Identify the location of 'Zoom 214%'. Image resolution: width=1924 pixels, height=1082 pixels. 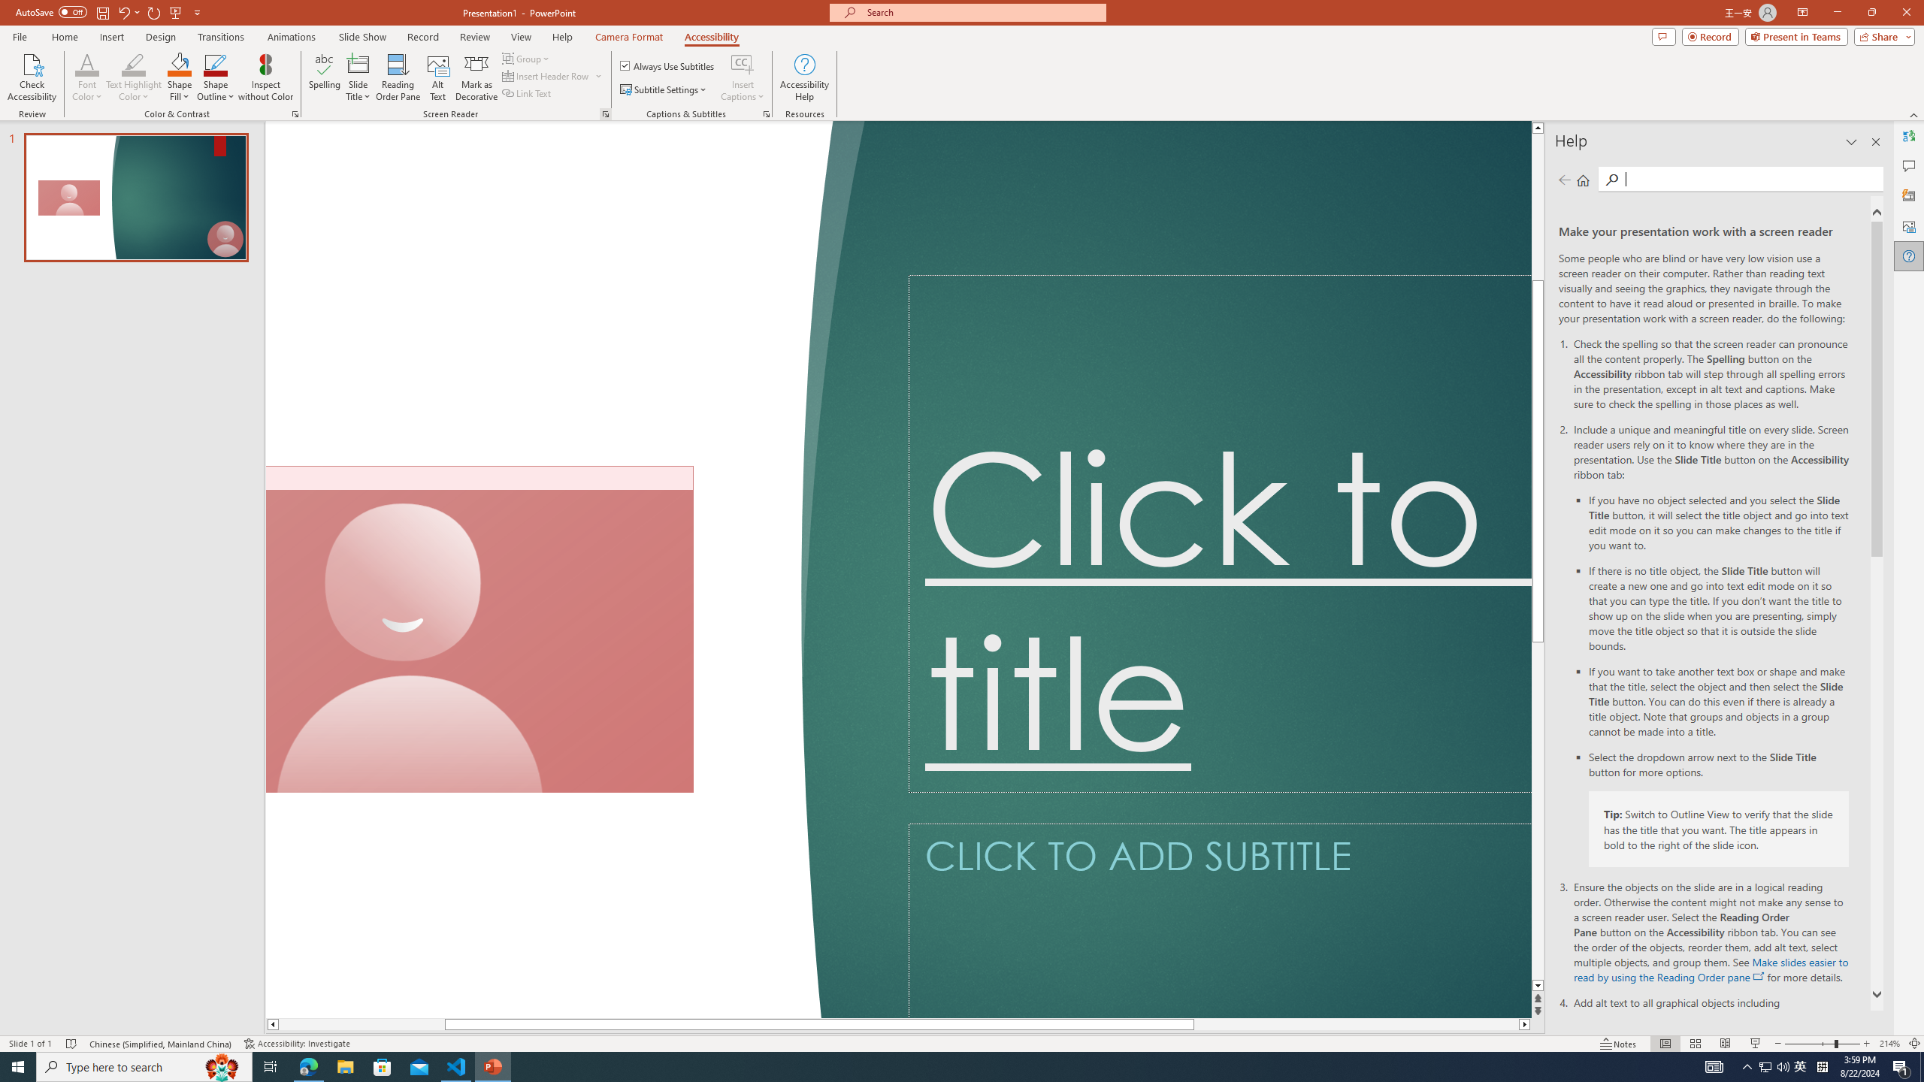
(1890, 1044).